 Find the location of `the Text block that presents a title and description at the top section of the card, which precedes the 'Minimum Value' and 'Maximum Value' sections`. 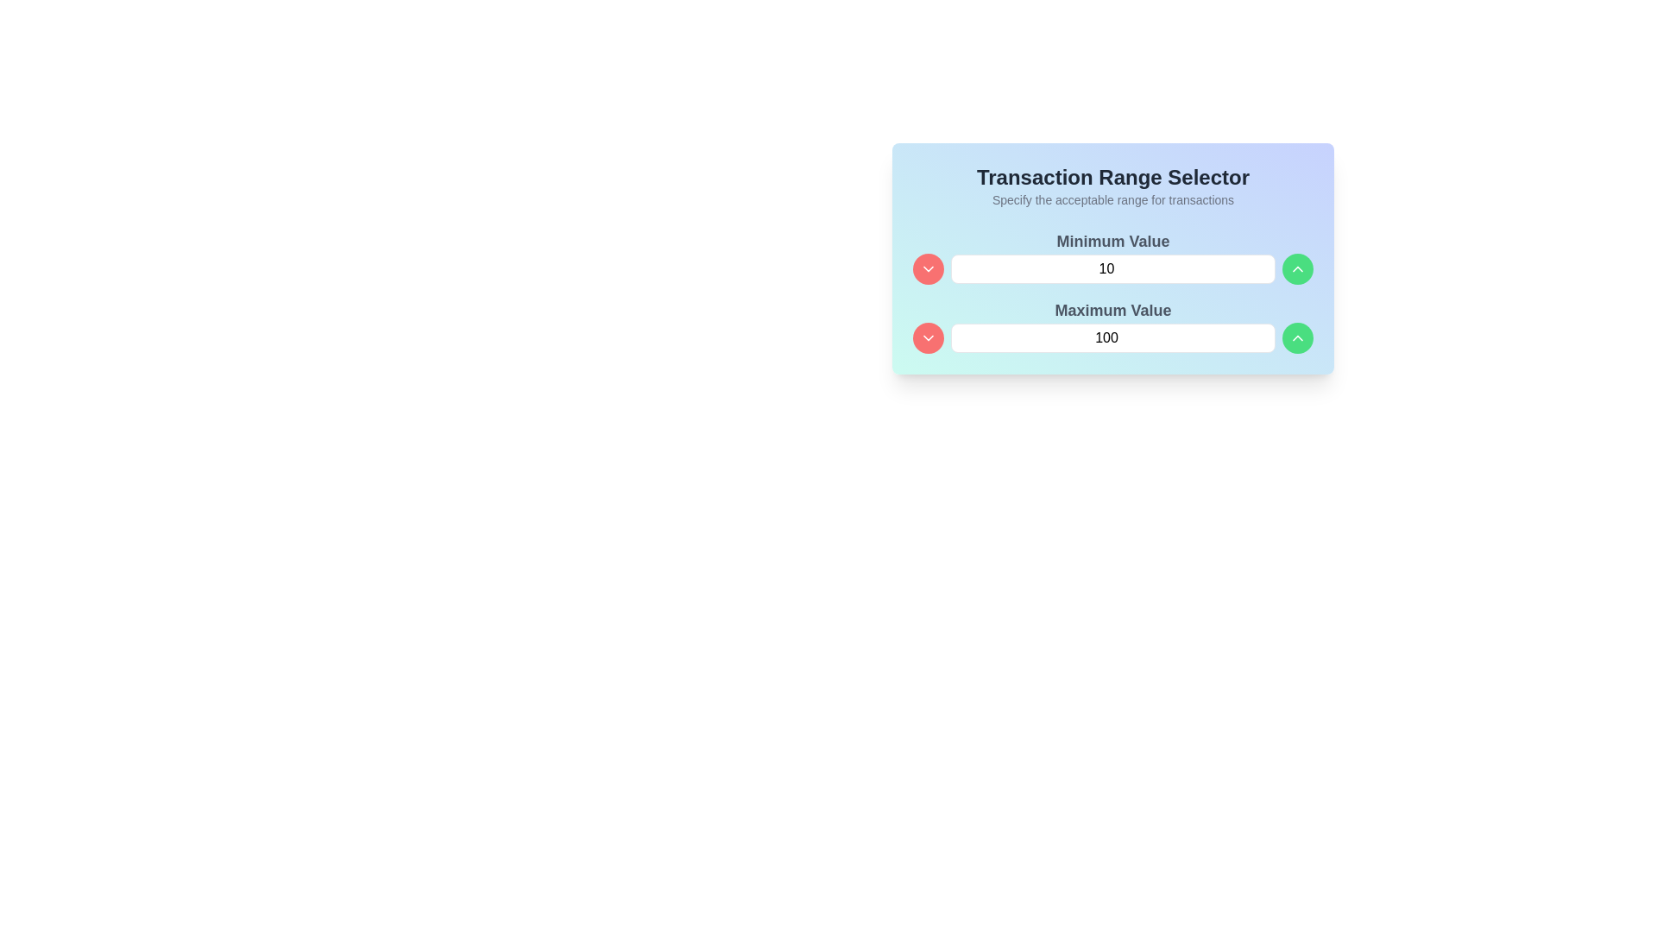

the Text block that presents a title and description at the top section of the card, which precedes the 'Minimum Value' and 'Maximum Value' sections is located at coordinates (1113, 186).